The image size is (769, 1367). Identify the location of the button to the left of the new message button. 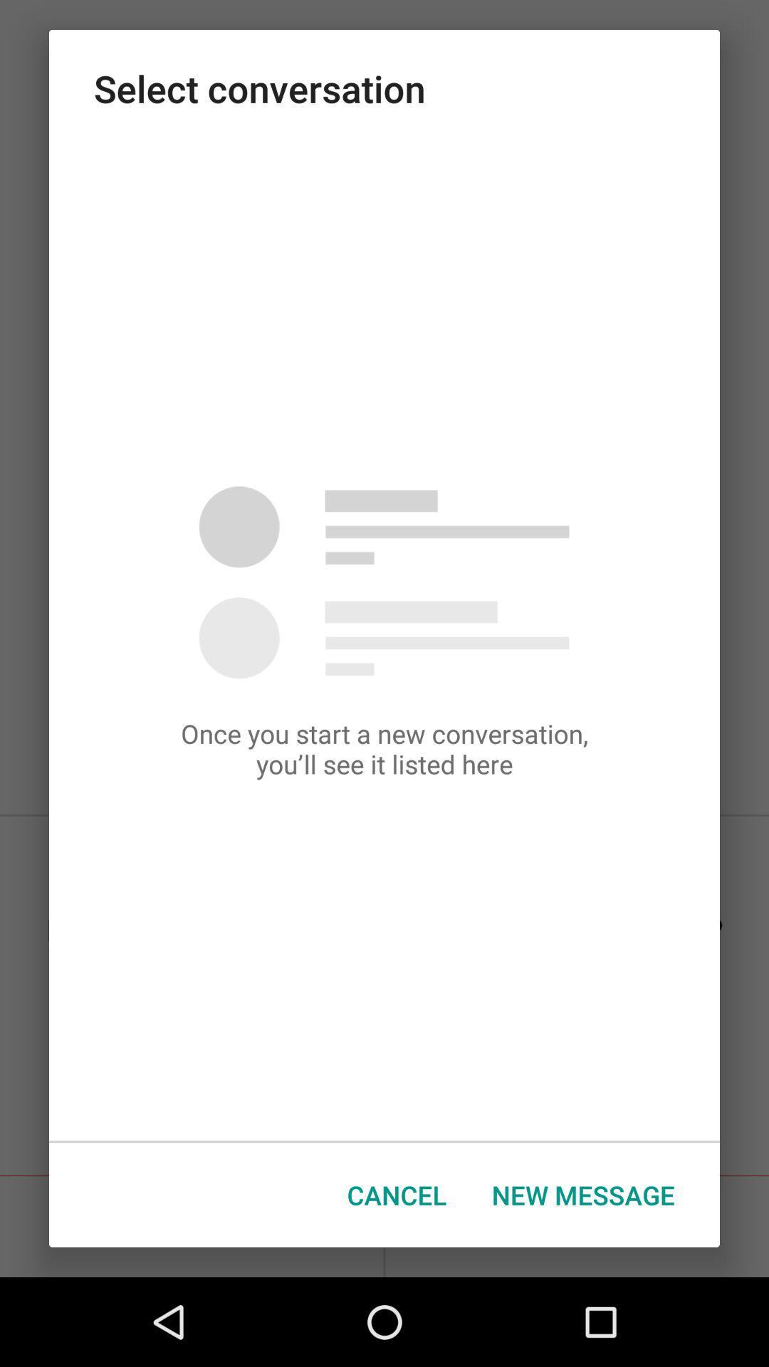
(397, 1195).